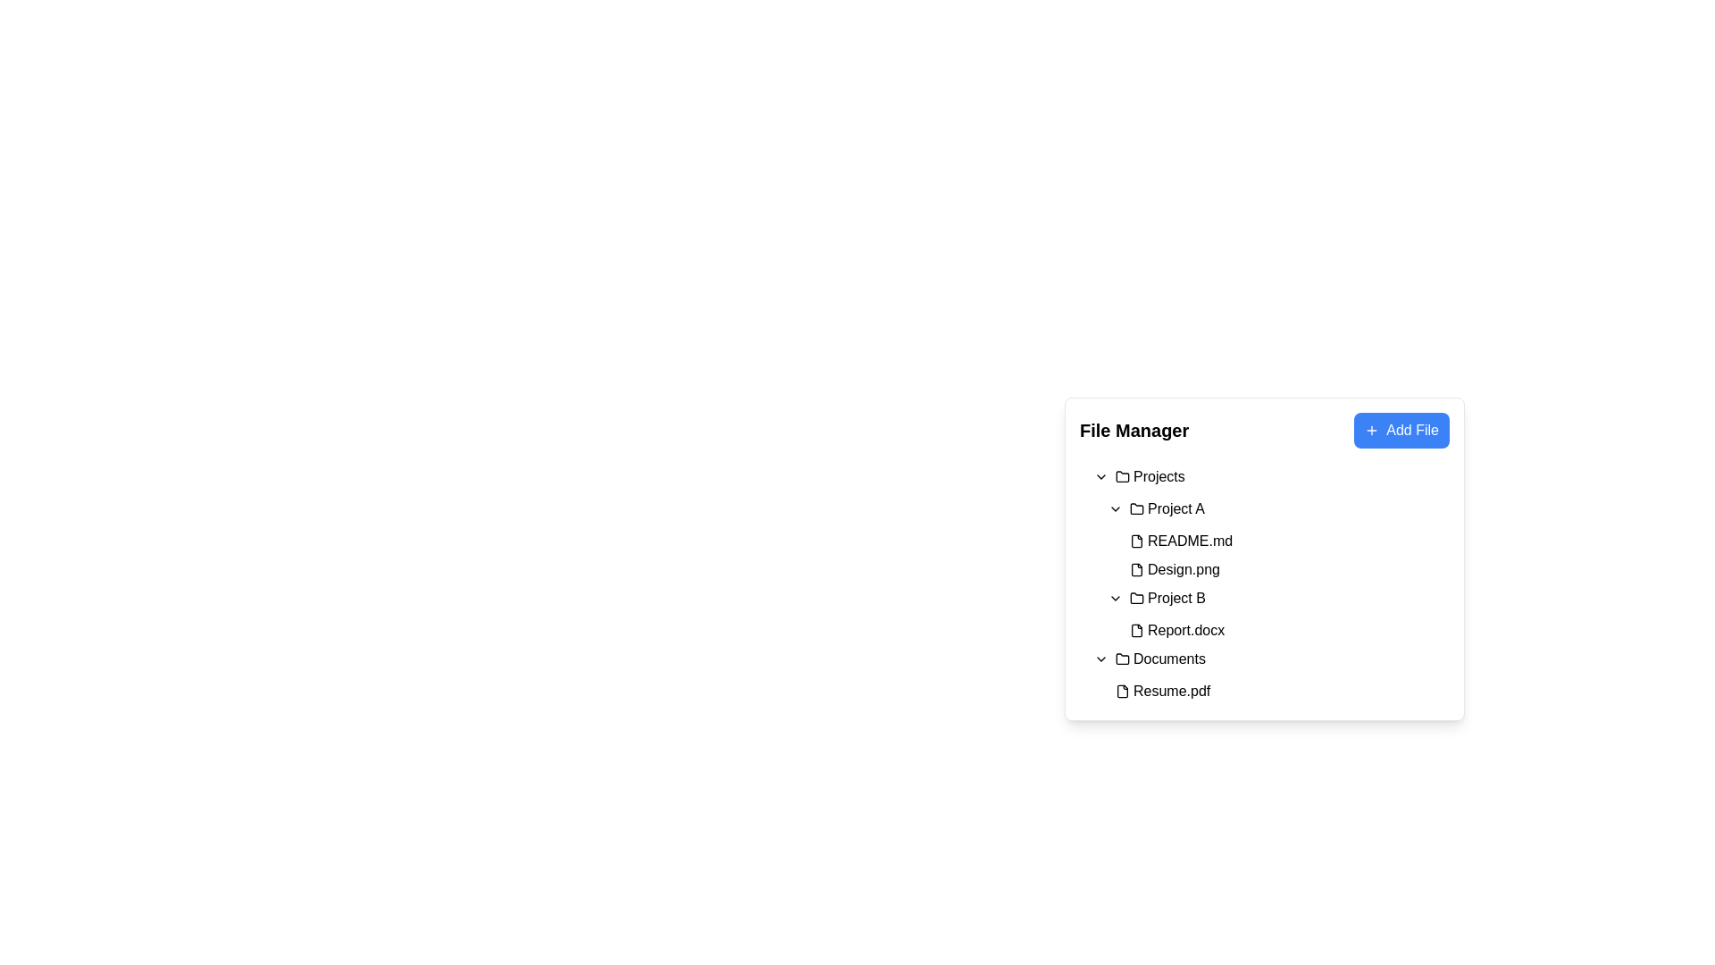 The width and height of the screenshot is (1715, 965). Describe the element at coordinates (1135, 629) in the screenshot. I see `the document file icon associated with 'Report.docx' located in the 'Projects' section of the 'File Manager' sidebar interface` at that location.